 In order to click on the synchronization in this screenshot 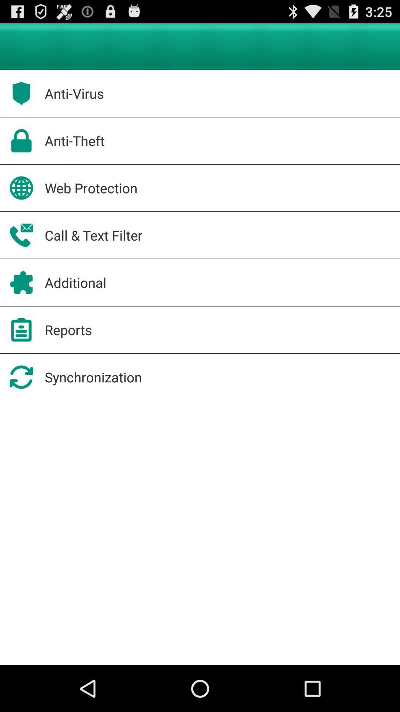, I will do `click(93, 377)`.